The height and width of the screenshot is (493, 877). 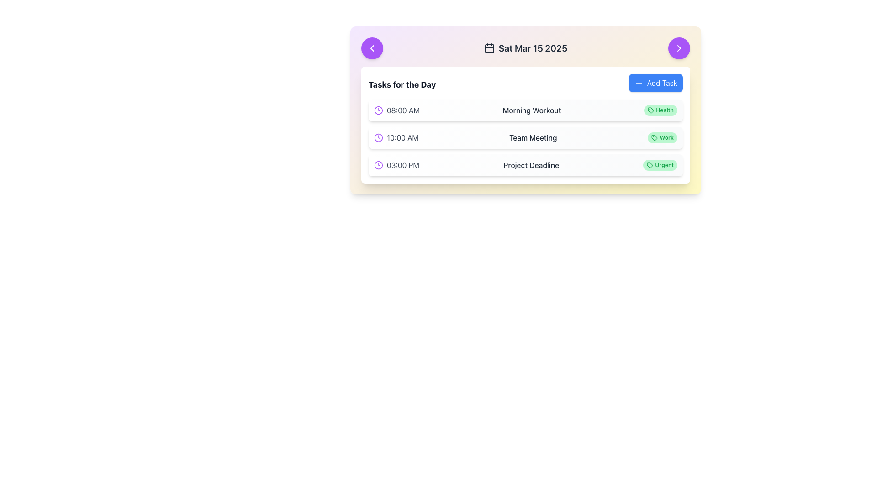 I want to click on properties of the rounded rectangle element inside the calendar icon located on the top bar of the interface, so click(x=489, y=49).